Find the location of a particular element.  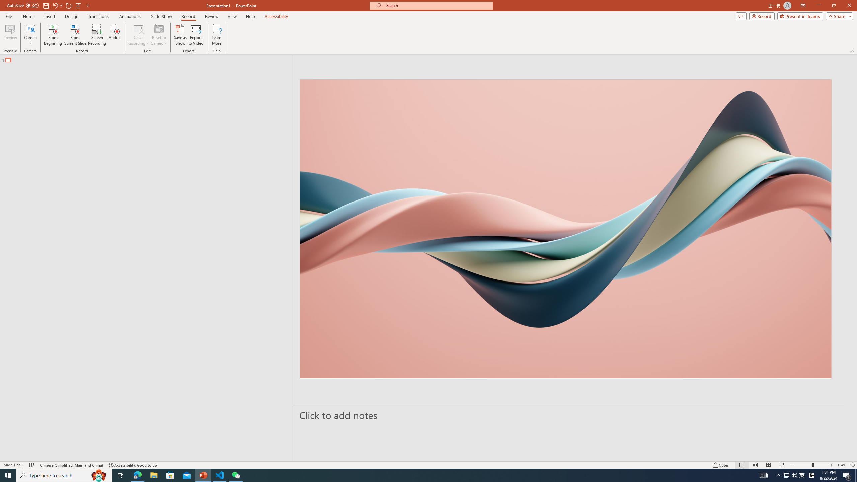

'Wavy 3D art' is located at coordinates (565, 229).